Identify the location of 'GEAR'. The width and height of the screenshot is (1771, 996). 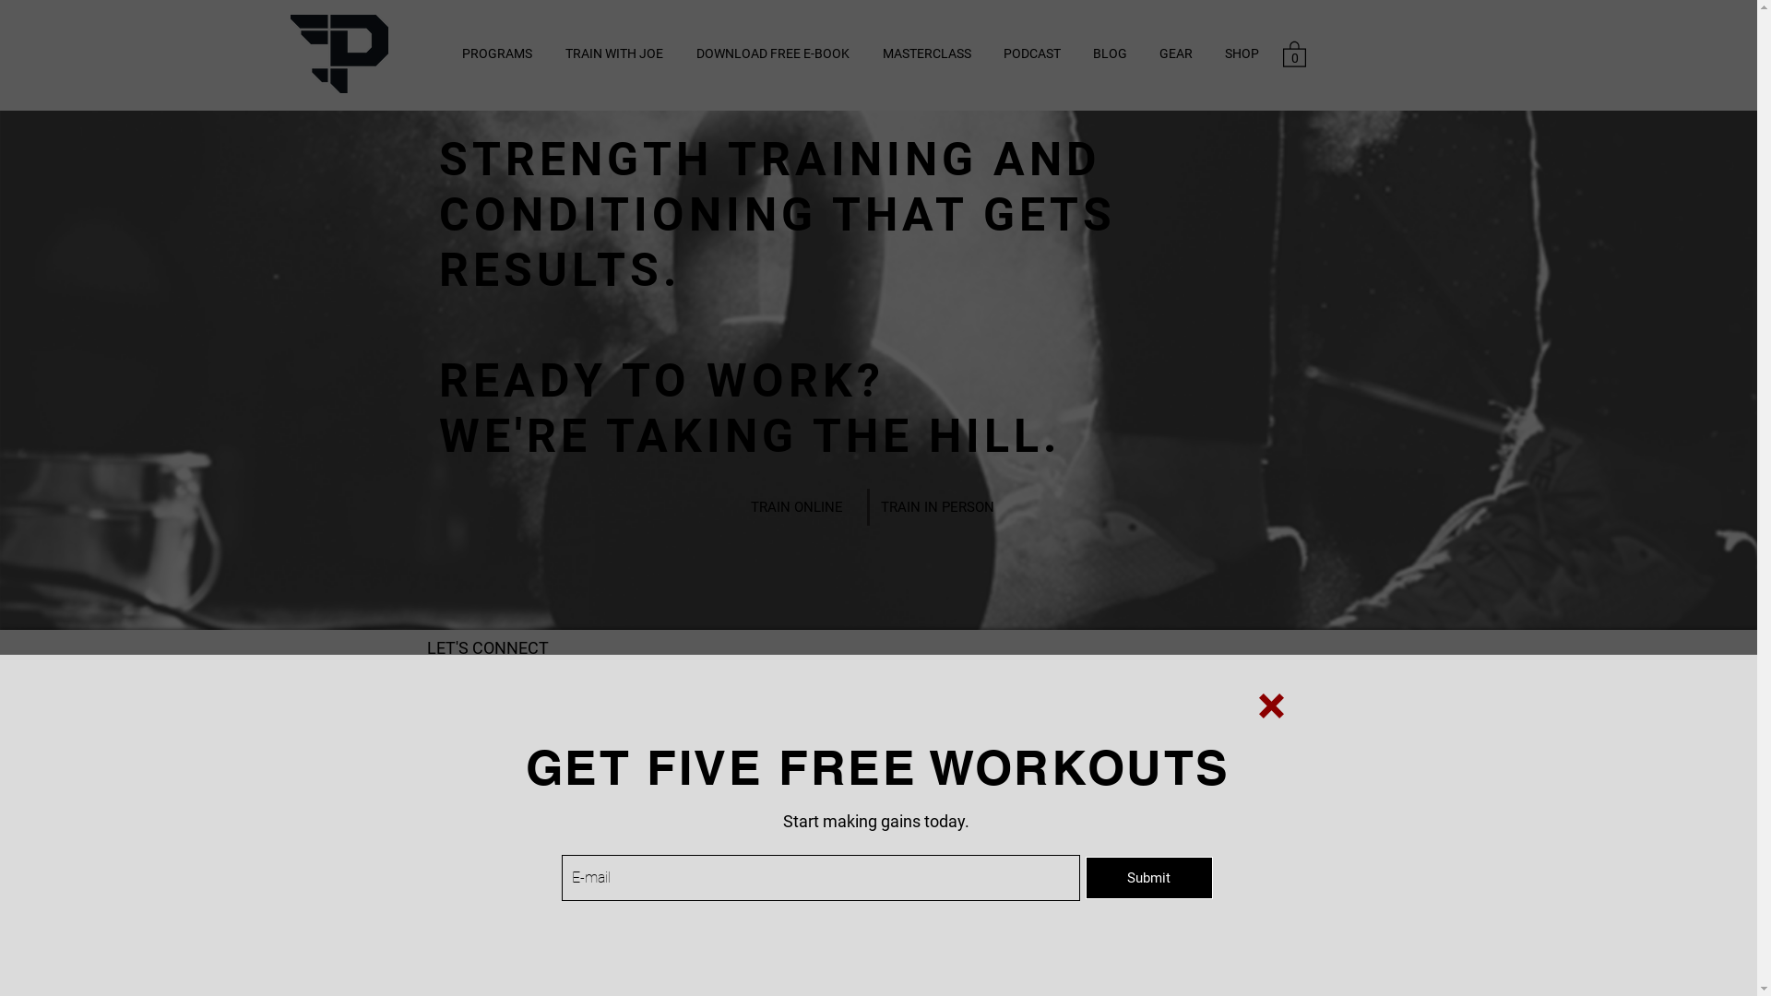
(1175, 53).